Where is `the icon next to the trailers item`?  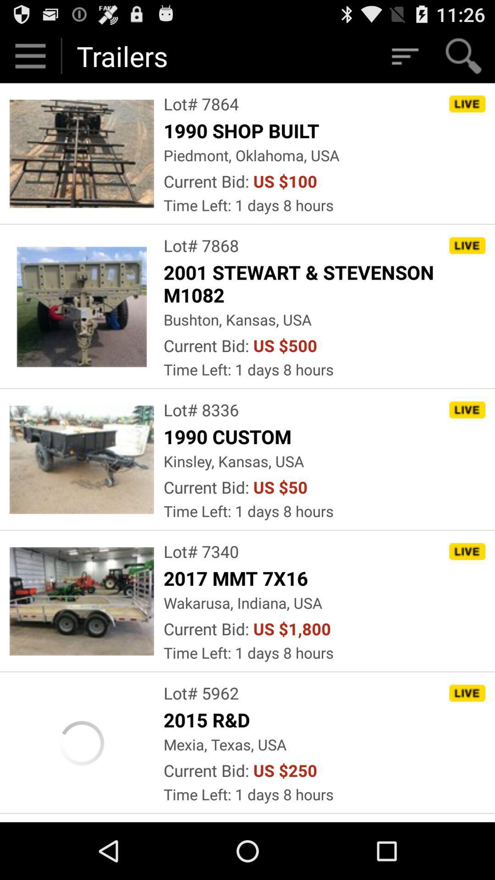
the icon next to the trailers item is located at coordinates (404, 55).